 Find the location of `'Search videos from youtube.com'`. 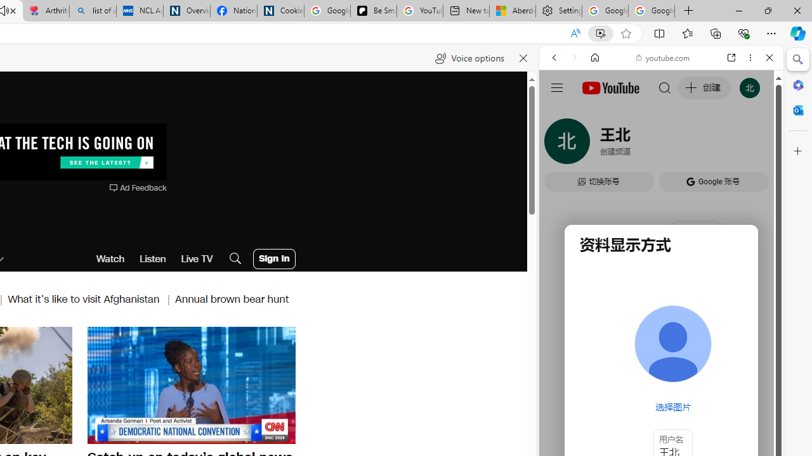

'Search videos from youtube.com' is located at coordinates (638, 417).